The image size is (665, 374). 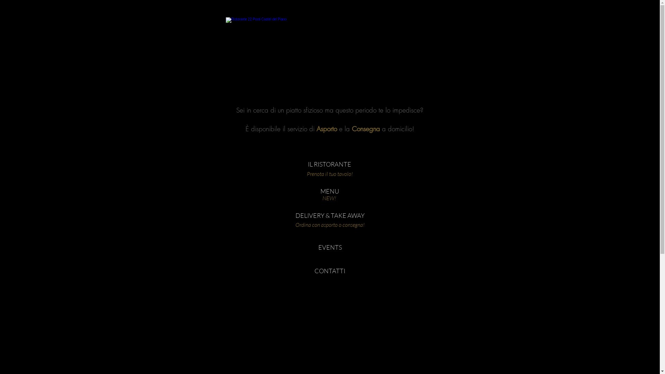 What do you see at coordinates (329, 50) in the screenshot?
I see `'Ristorante 22 Posti Castel del Piano'` at bounding box center [329, 50].